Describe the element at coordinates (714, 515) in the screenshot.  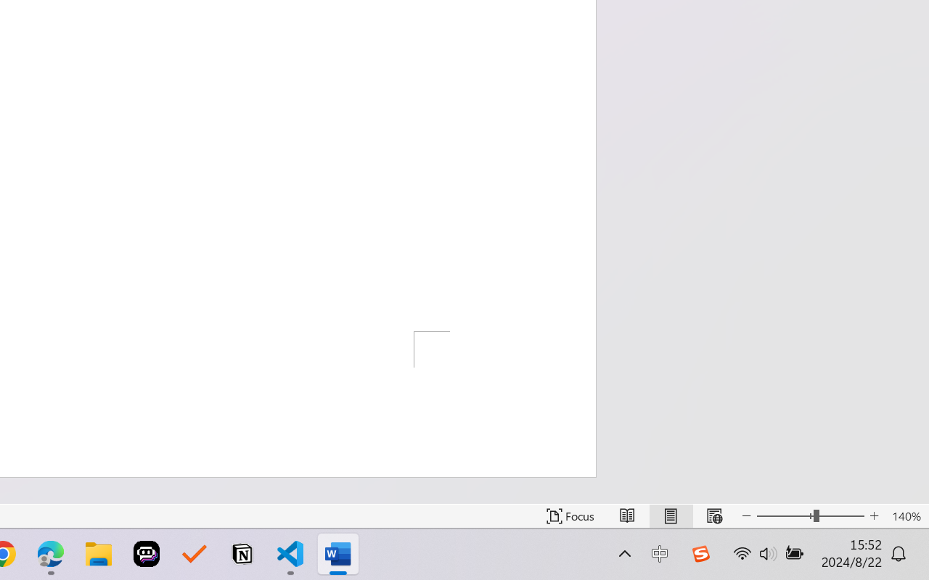
I see `'Web Layout'` at that location.